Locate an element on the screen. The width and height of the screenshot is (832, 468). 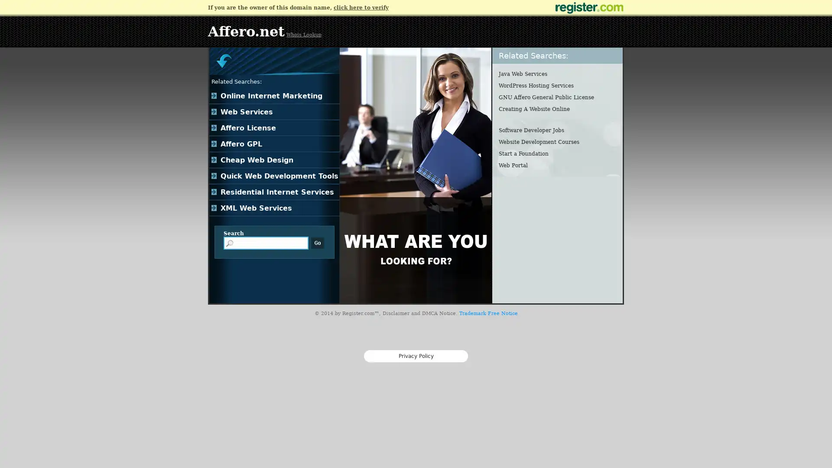
Go is located at coordinates (317, 243).